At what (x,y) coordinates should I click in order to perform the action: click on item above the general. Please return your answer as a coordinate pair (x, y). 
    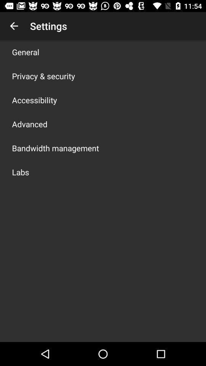
    Looking at the image, I should click on (14, 26).